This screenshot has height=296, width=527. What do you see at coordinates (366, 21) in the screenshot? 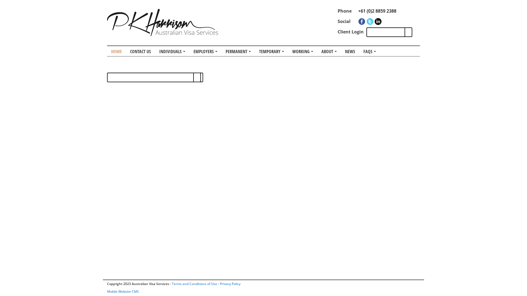
I see `'Twitter'` at bounding box center [366, 21].